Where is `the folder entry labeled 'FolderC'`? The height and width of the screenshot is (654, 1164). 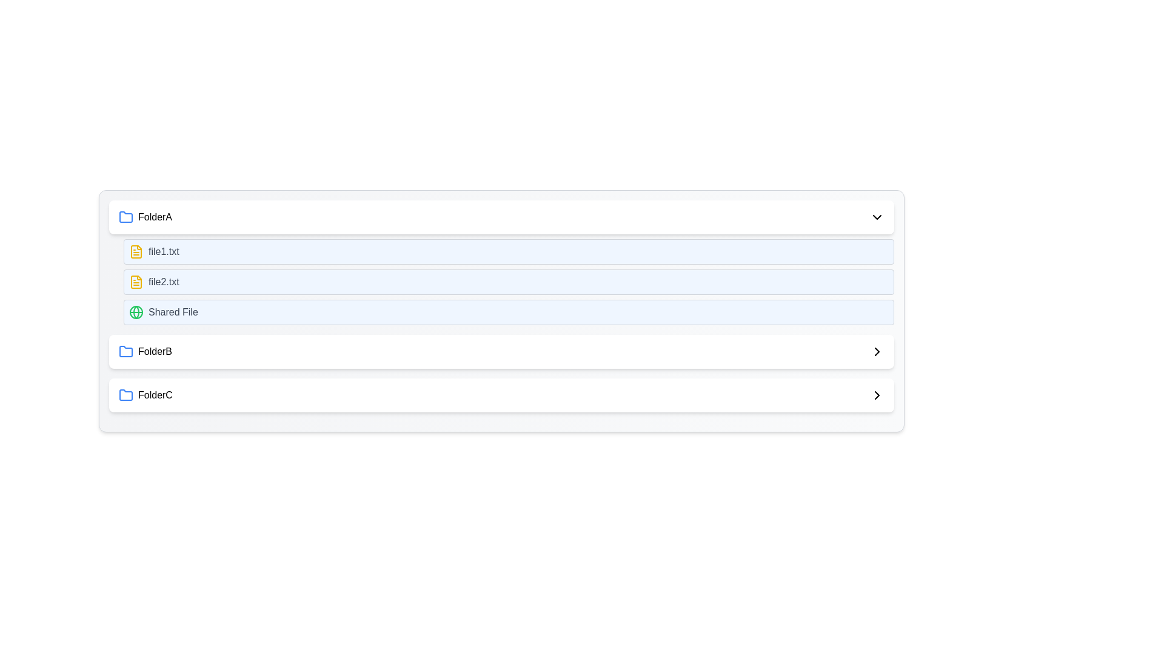 the folder entry labeled 'FolderC' is located at coordinates (145, 395).